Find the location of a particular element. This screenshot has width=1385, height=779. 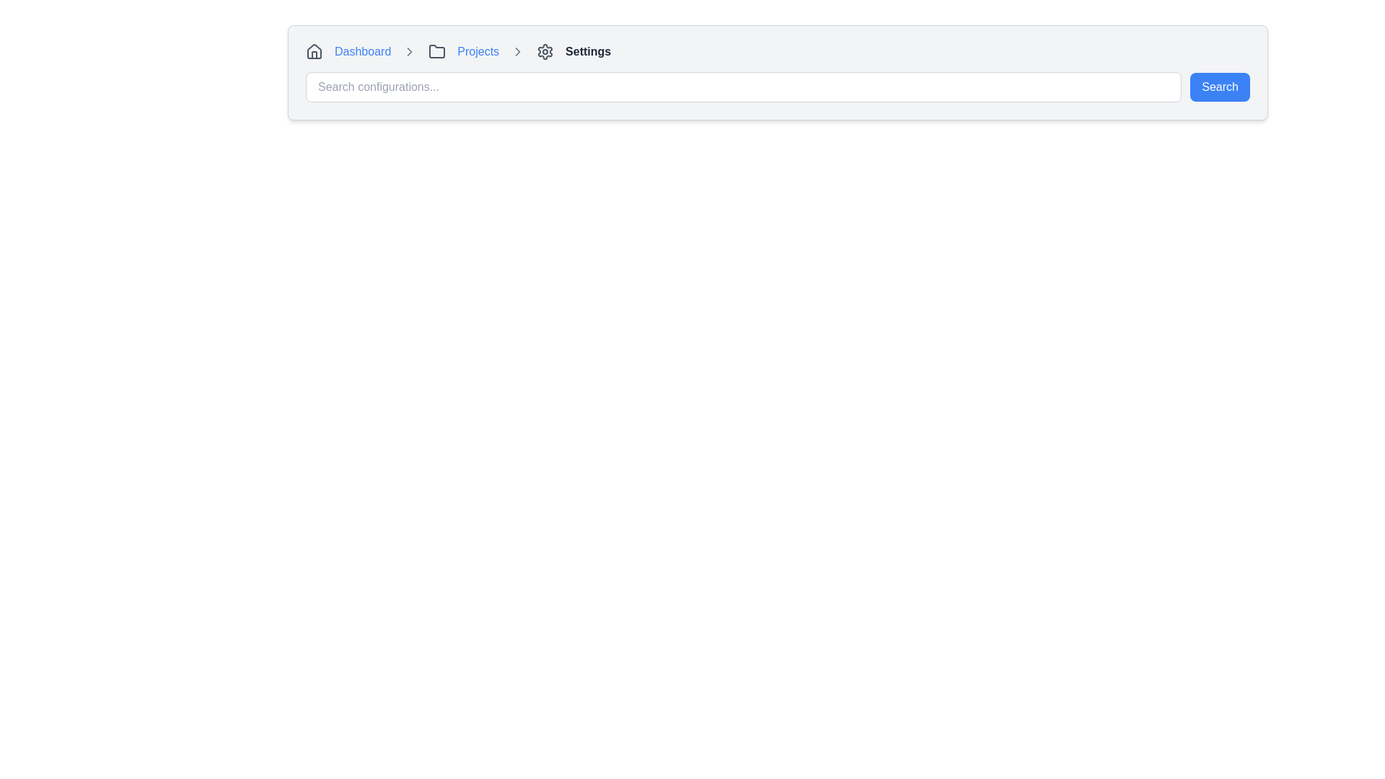

the navigation flow by interacting with the chevron icon located to the right of the 'Projects' label in the breadcrumb navigation row is located at coordinates (518, 51).